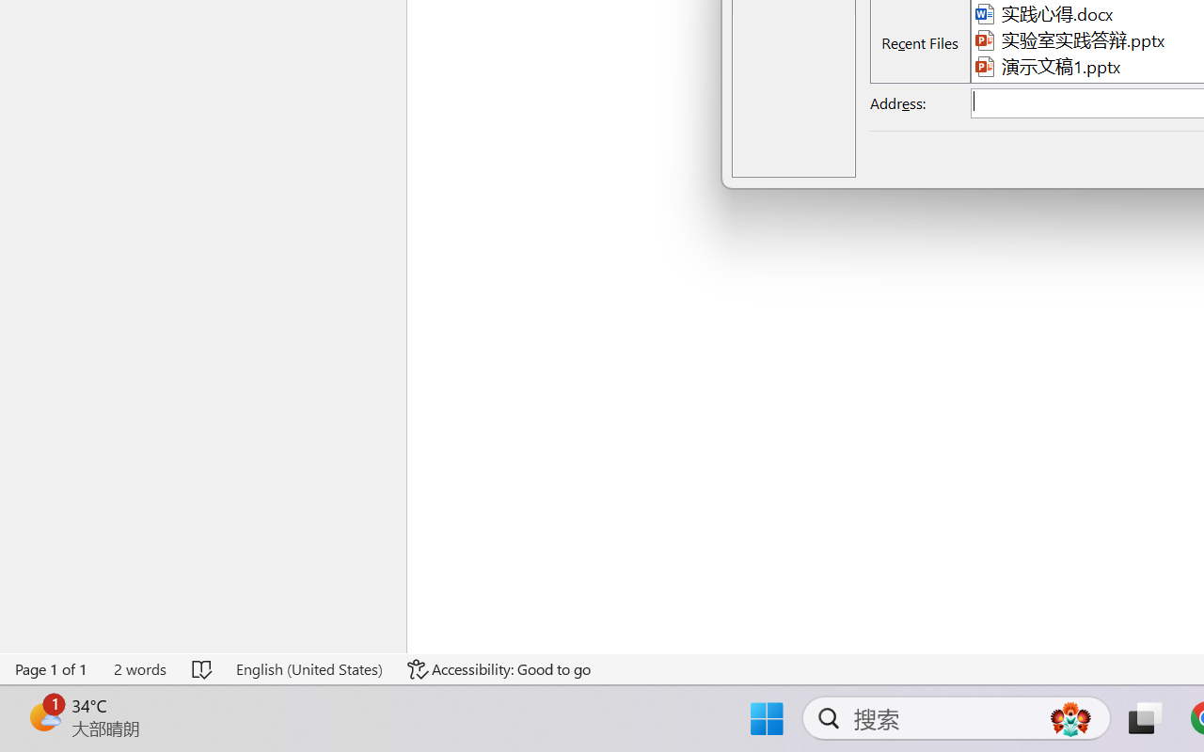  What do you see at coordinates (499, 668) in the screenshot?
I see `'Accessibility Checker Accessibility: Good to go'` at bounding box center [499, 668].